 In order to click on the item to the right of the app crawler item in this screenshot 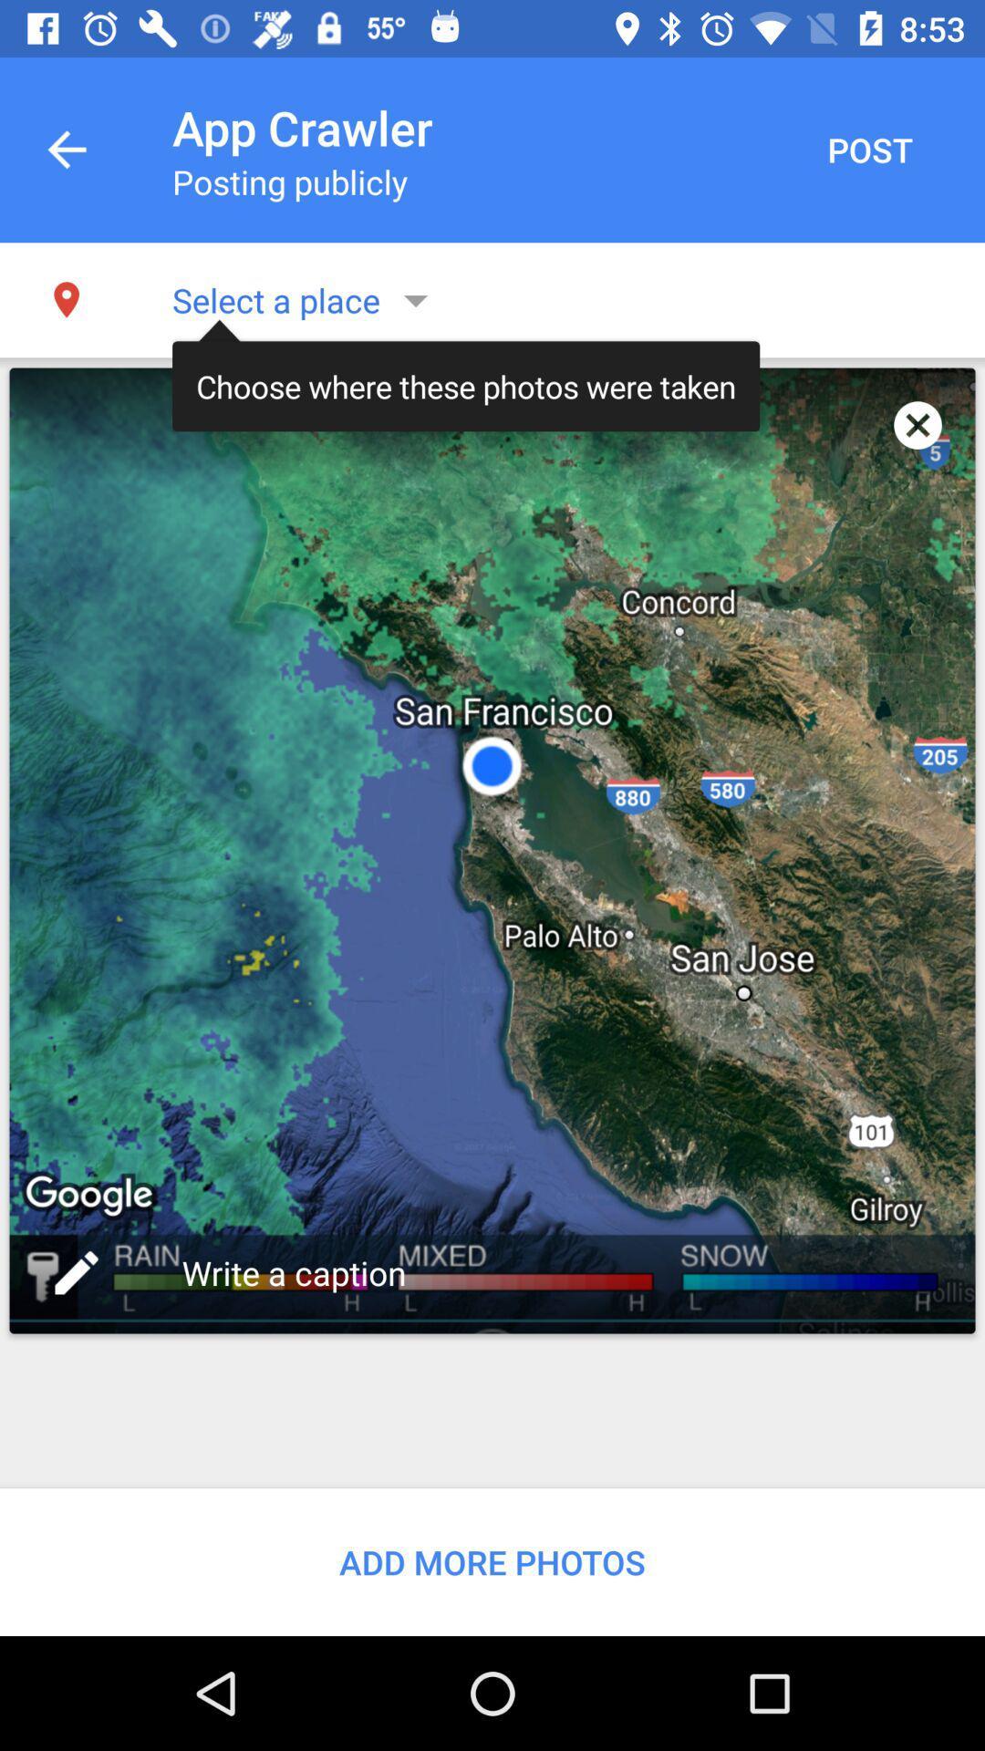, I will do `click(868, 150)`.